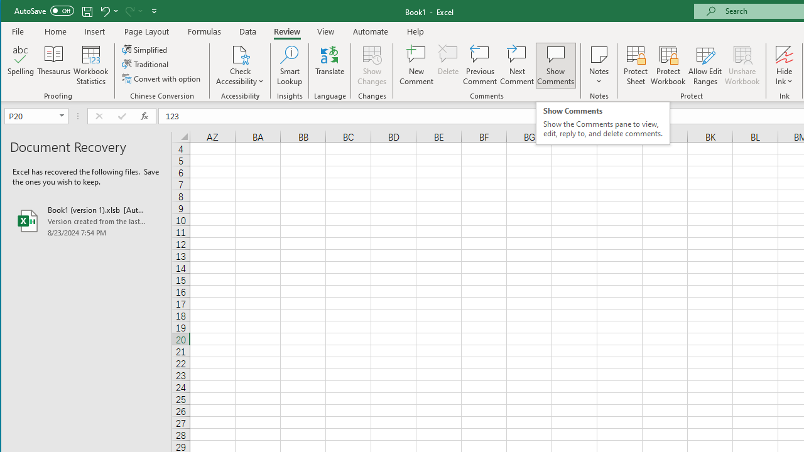 Image resolution: width=804 pixels, height=452 pixels. What do you see at coordinates (555, 65) in the screenshot?
I see `'Show Comments'` at bounding box center [555, 65].